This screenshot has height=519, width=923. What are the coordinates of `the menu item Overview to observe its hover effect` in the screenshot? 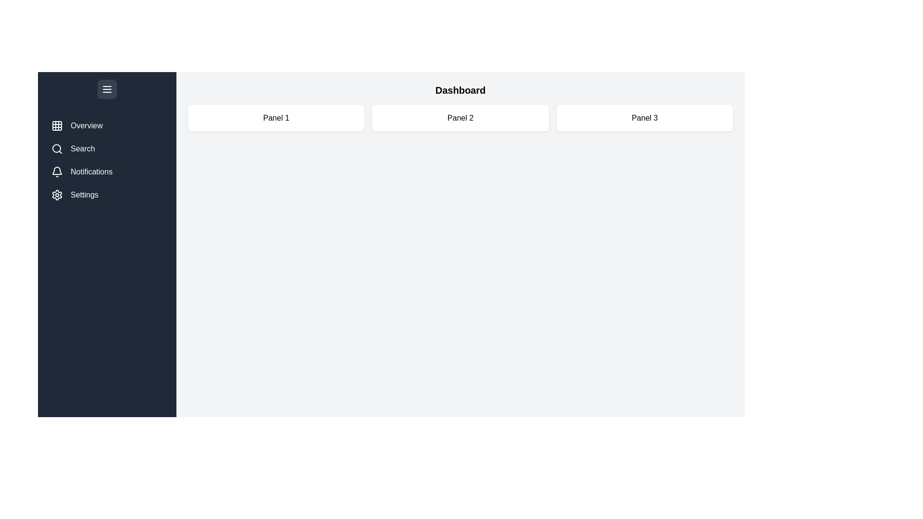 It's located at (107, 125).